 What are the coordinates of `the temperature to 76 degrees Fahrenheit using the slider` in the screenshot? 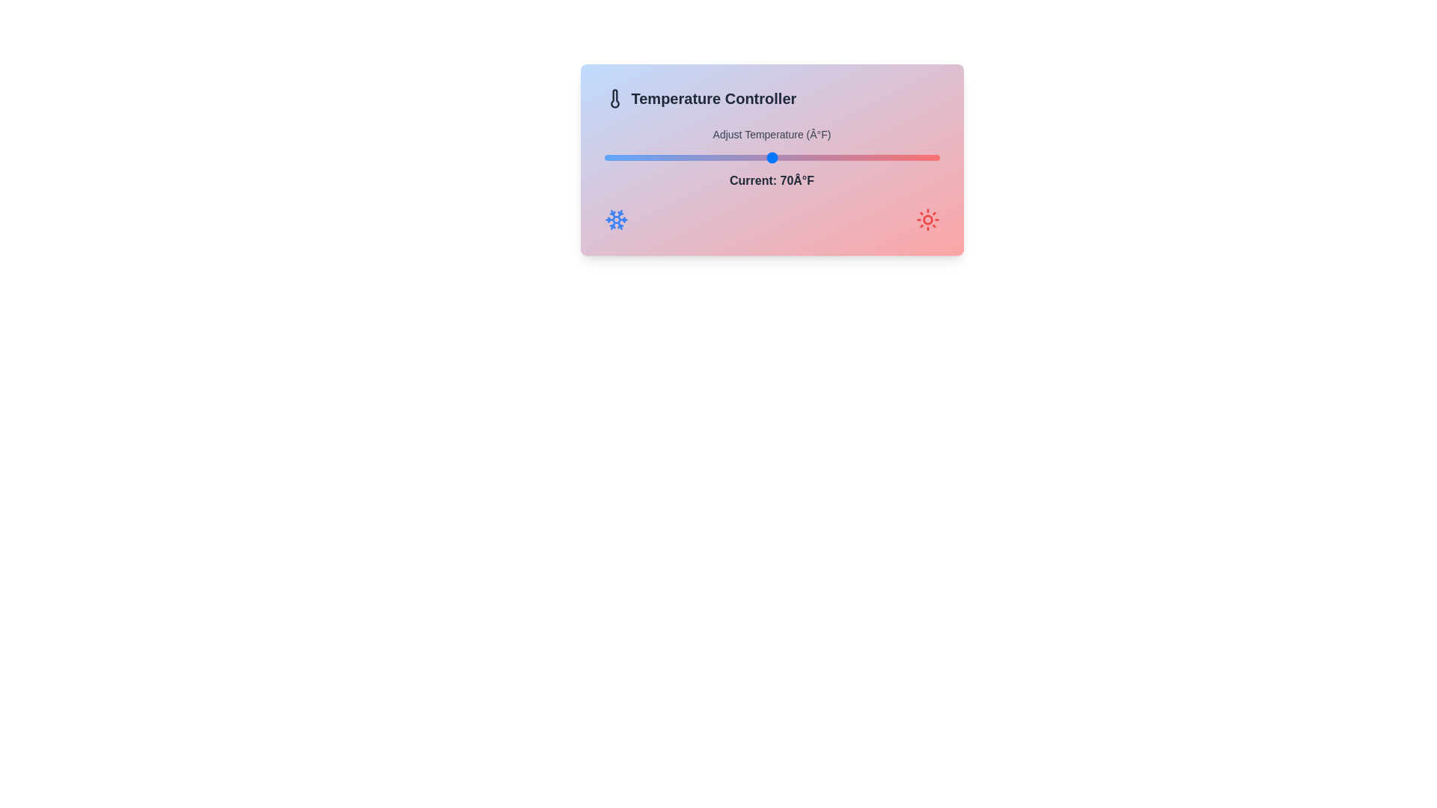 It's located at (821, 158).